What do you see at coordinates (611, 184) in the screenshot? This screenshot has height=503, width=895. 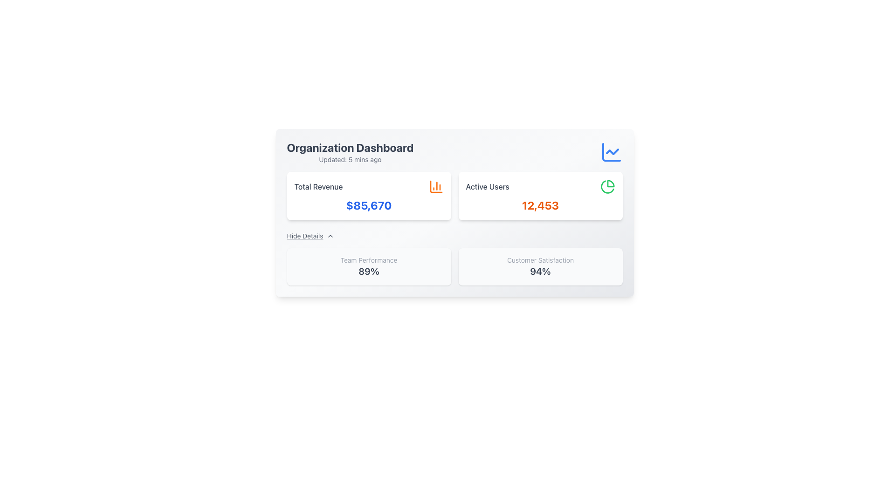 I see `the SVG graphical element in the top-right card of the dashboard that represents an analytical metric` at bounding box center [611, 184].